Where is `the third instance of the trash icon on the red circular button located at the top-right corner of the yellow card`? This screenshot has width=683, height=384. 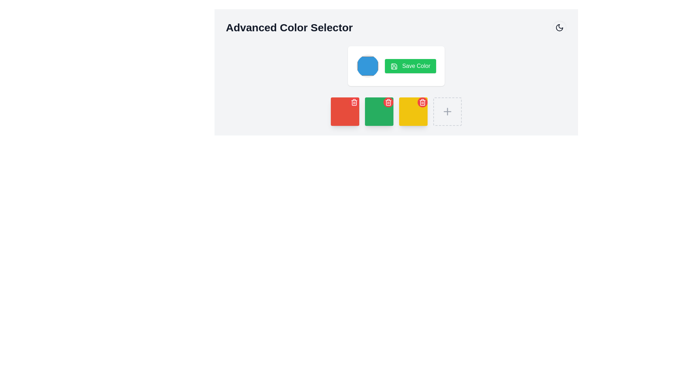
the third instance of the trash icon on the red circular button located at the top-right corner of the yellow card is located at coordinates (354, 102).